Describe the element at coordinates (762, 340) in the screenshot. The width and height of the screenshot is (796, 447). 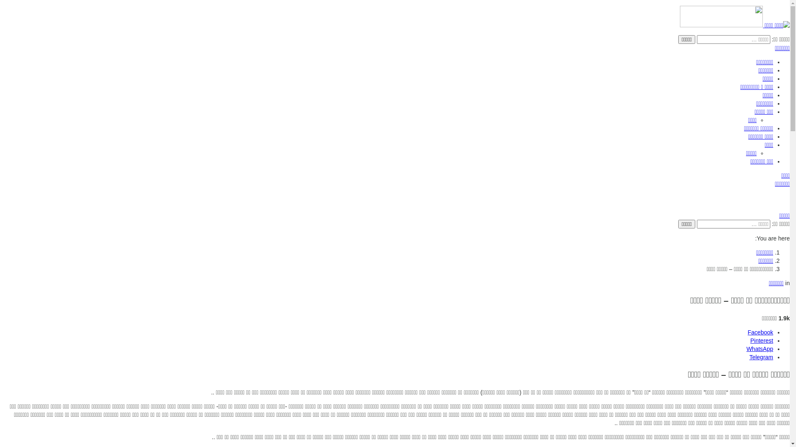
I see `'Pinterest'` at that location.